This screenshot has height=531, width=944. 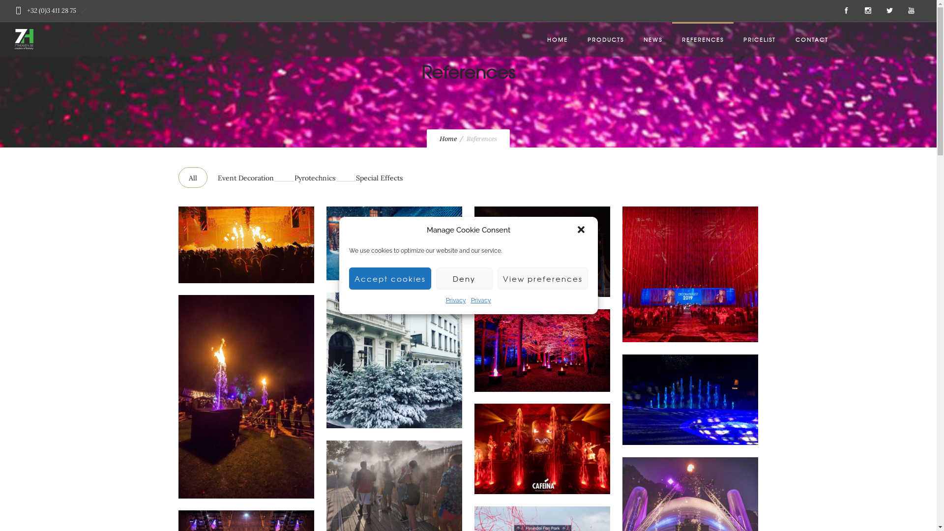 What do you see at coordinates (435, 278) in the screenshot?
I see `'Deny'` at bounding box center [435, 278].